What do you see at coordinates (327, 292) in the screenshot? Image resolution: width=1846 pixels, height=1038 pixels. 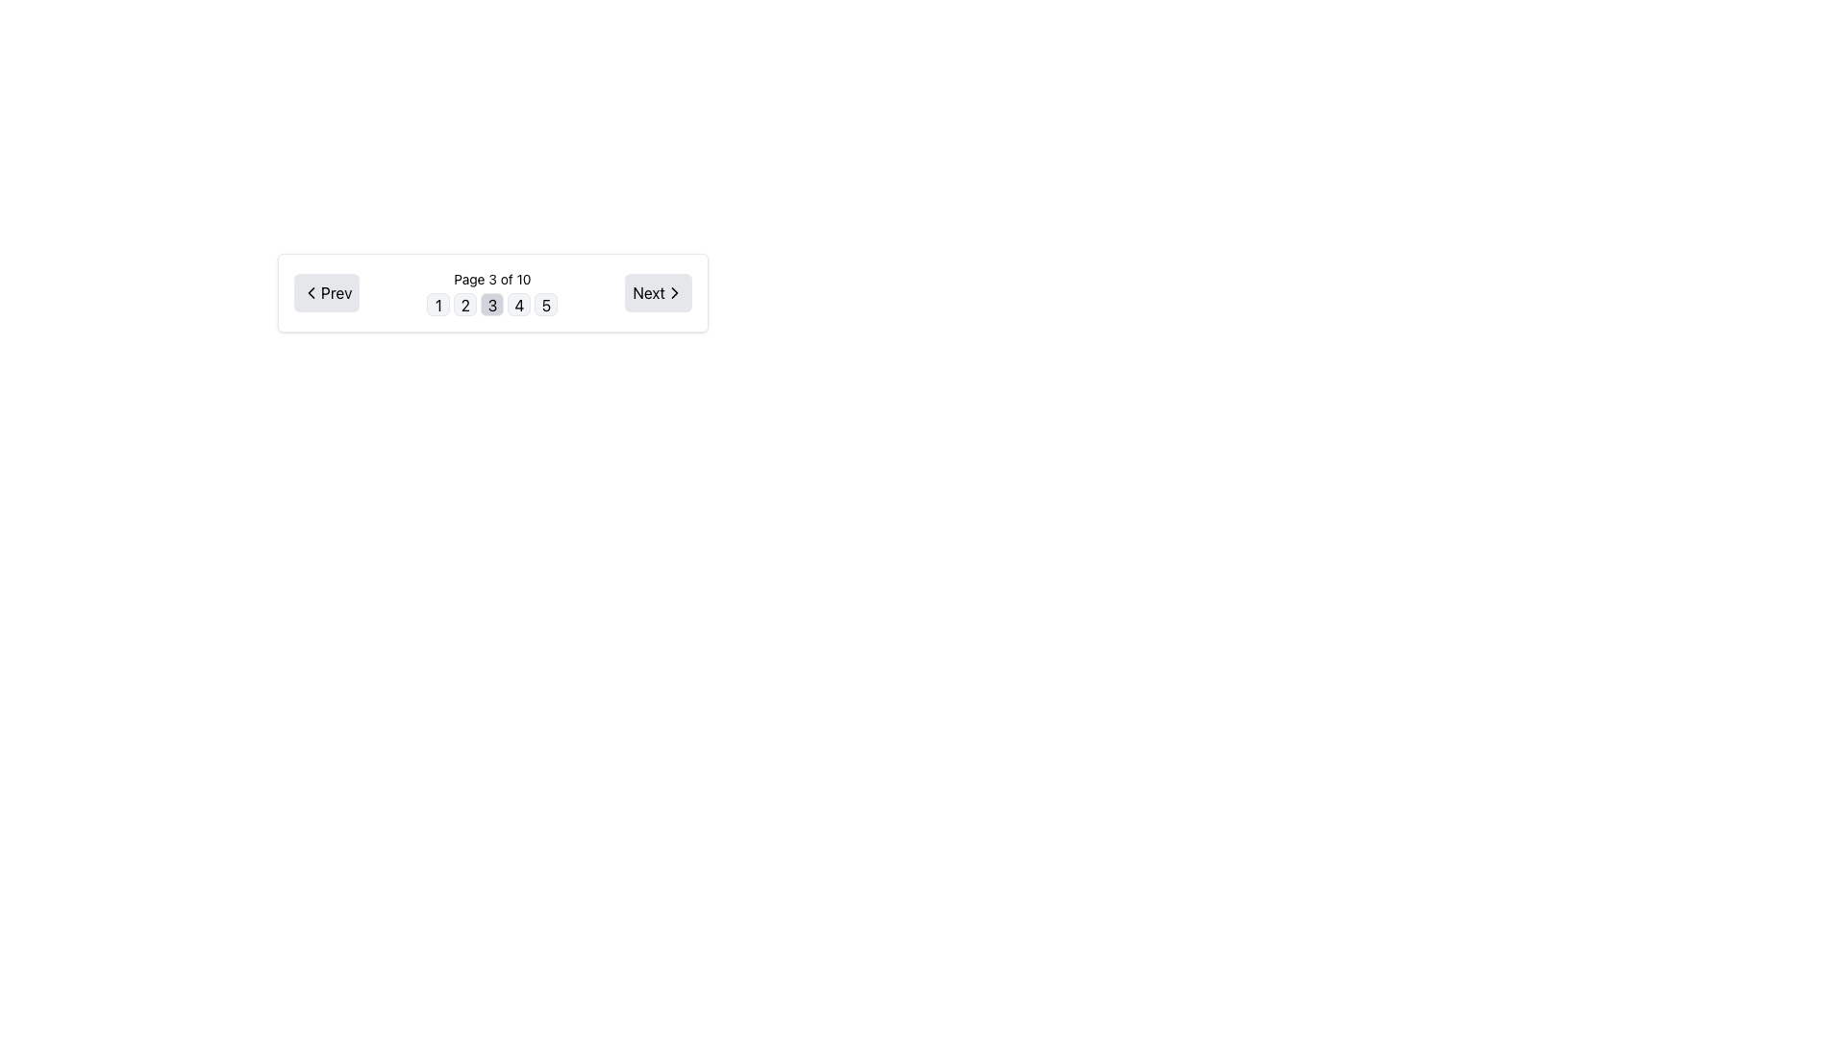 I see `the 'Prev' button with a light gray background and a left-pointing chevron icon to move to the previous page` at bounding box center [327, 292].